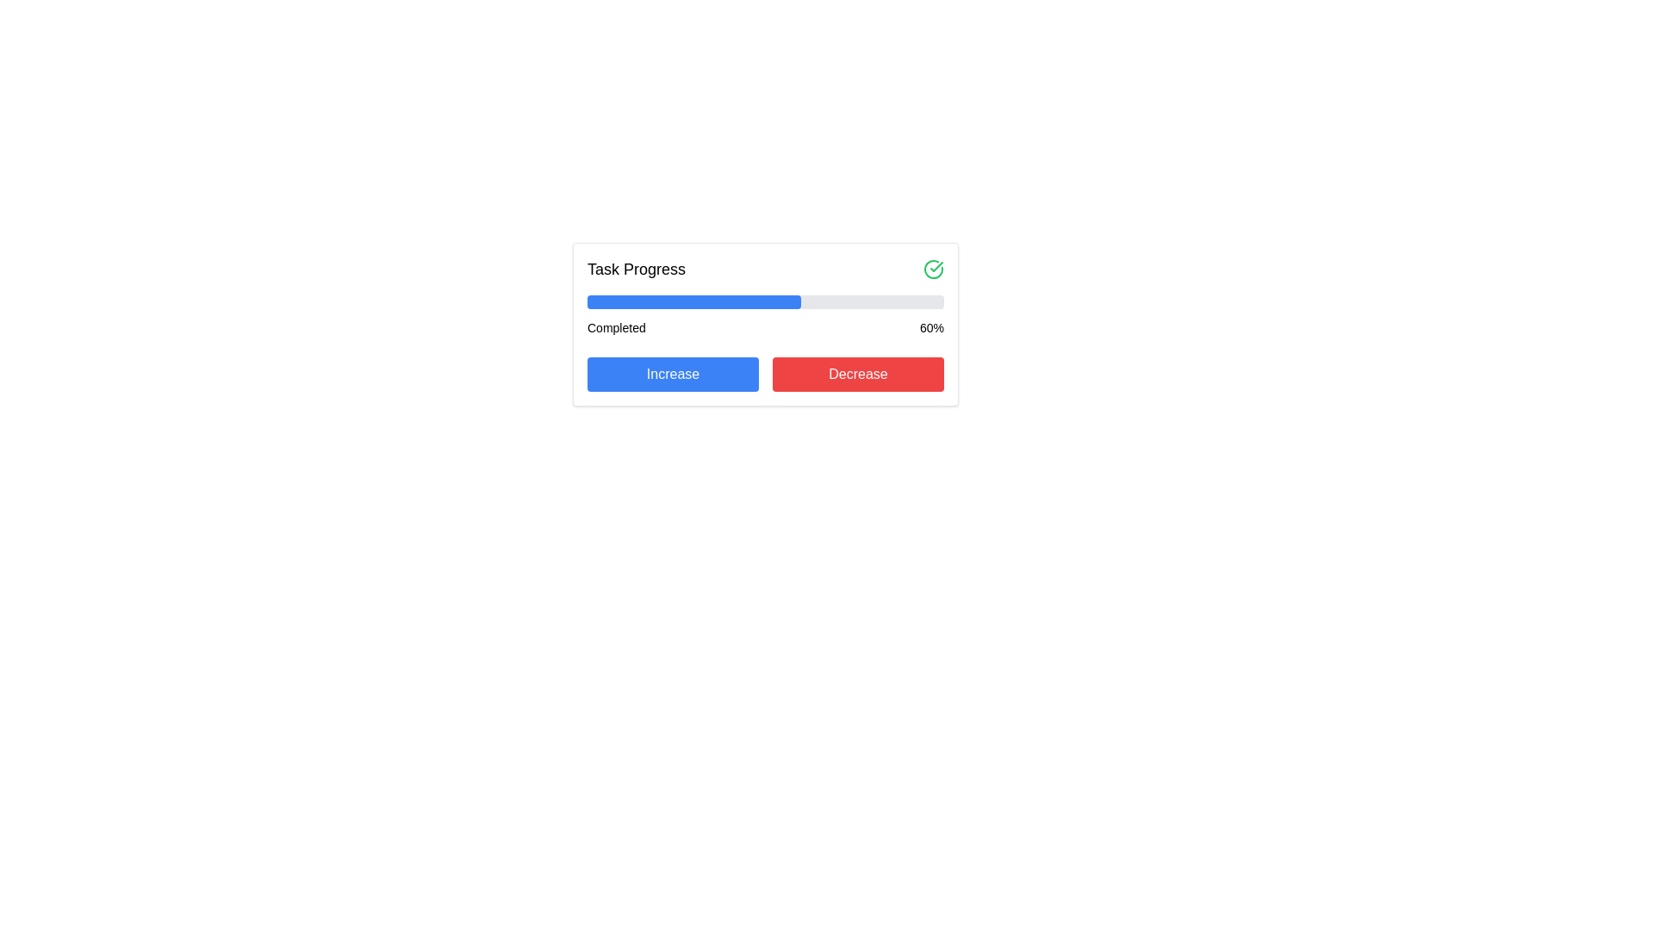  What do you see at coordinates (930, 328) in the screenshot?
I see `the text label displaying the progress value '60%' in bold font, located next to the 'Completed' label within the task-progress display` at bounding box center [930, 328].